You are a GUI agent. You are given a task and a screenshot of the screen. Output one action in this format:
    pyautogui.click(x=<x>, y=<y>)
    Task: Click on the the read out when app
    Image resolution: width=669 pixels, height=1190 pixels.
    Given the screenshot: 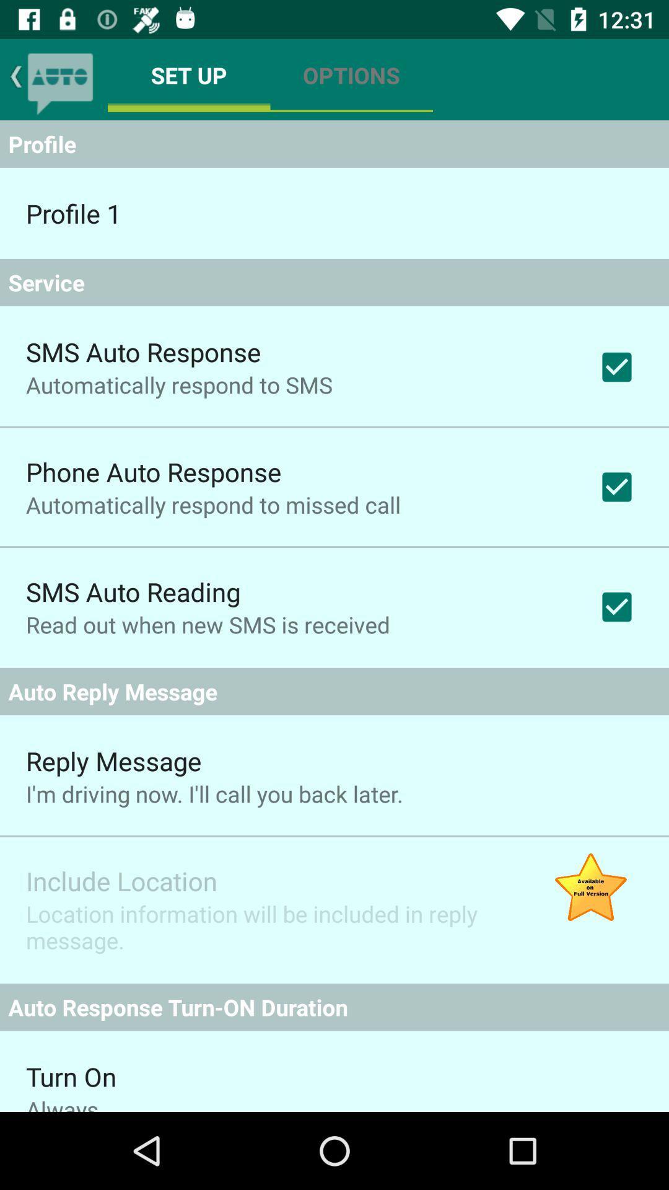 What is the action you would take?
    pyautogui.click(x=207, y=625)
    